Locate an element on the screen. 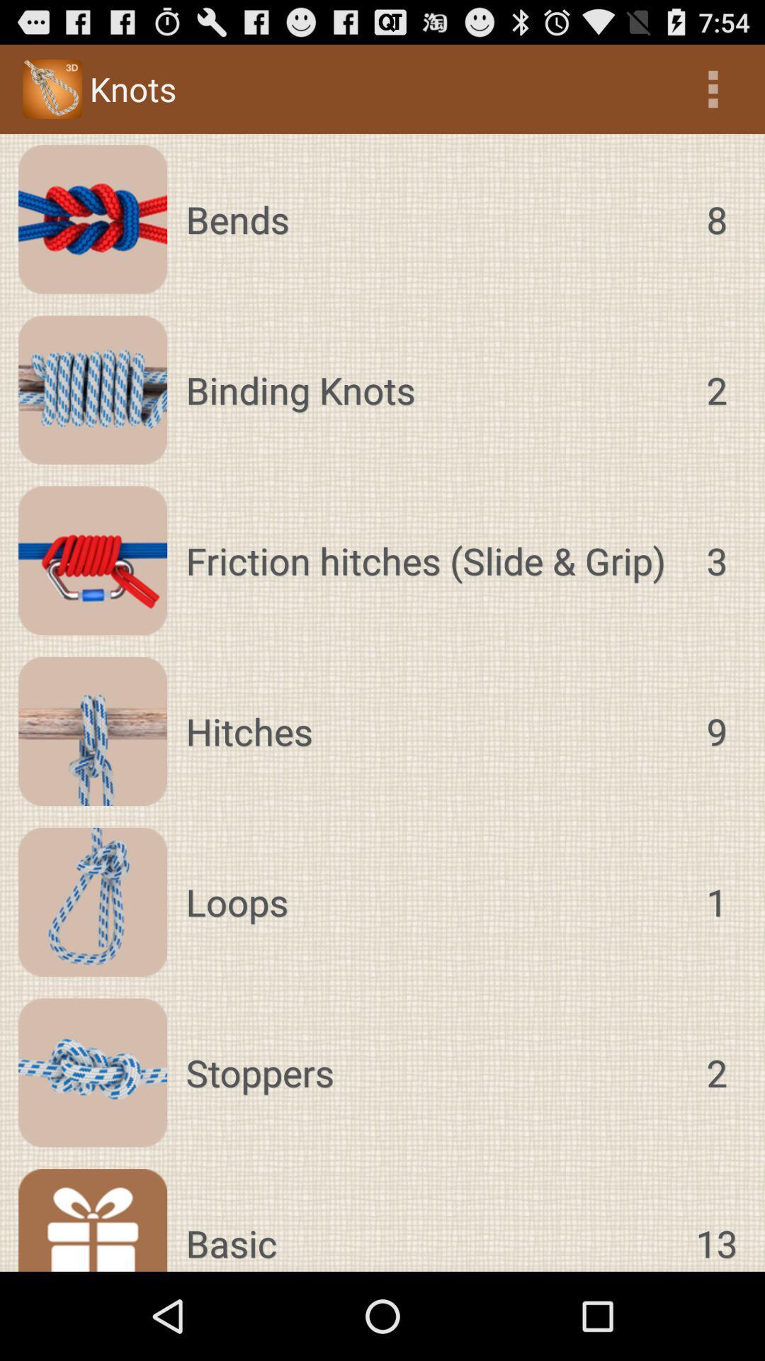  13 item is located at coordinates (716, 1219).